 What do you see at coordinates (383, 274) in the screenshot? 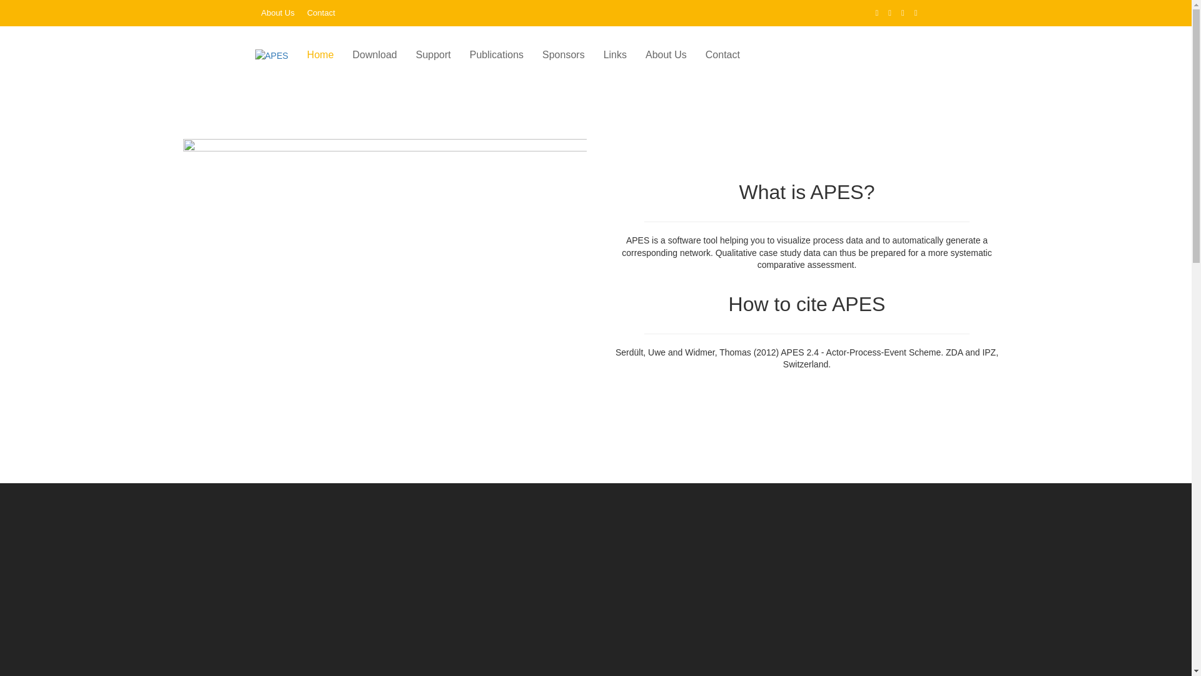
I see `'Rio_Process'` at bounding box center [383, 274].